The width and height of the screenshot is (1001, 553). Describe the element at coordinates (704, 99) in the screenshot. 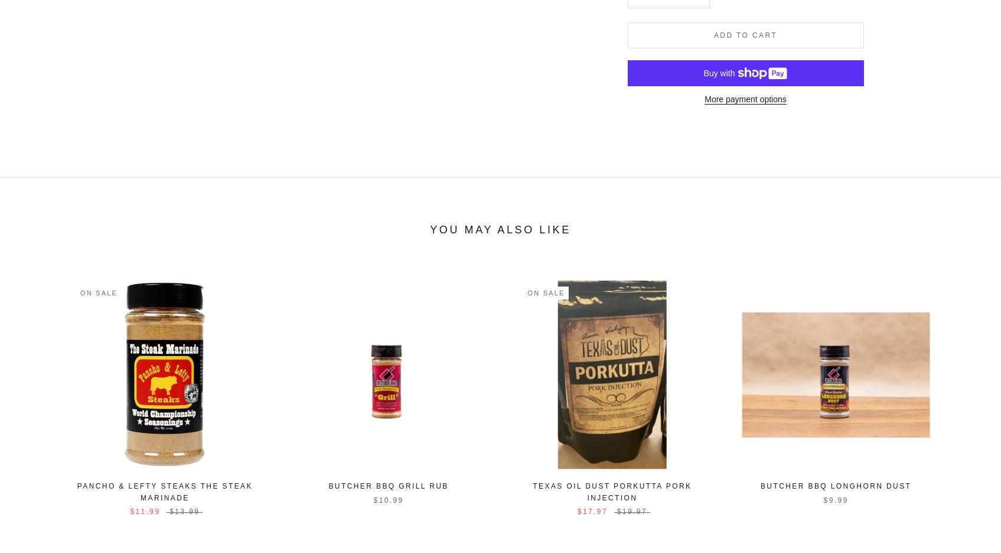

I see `'More payment options'` at that location.